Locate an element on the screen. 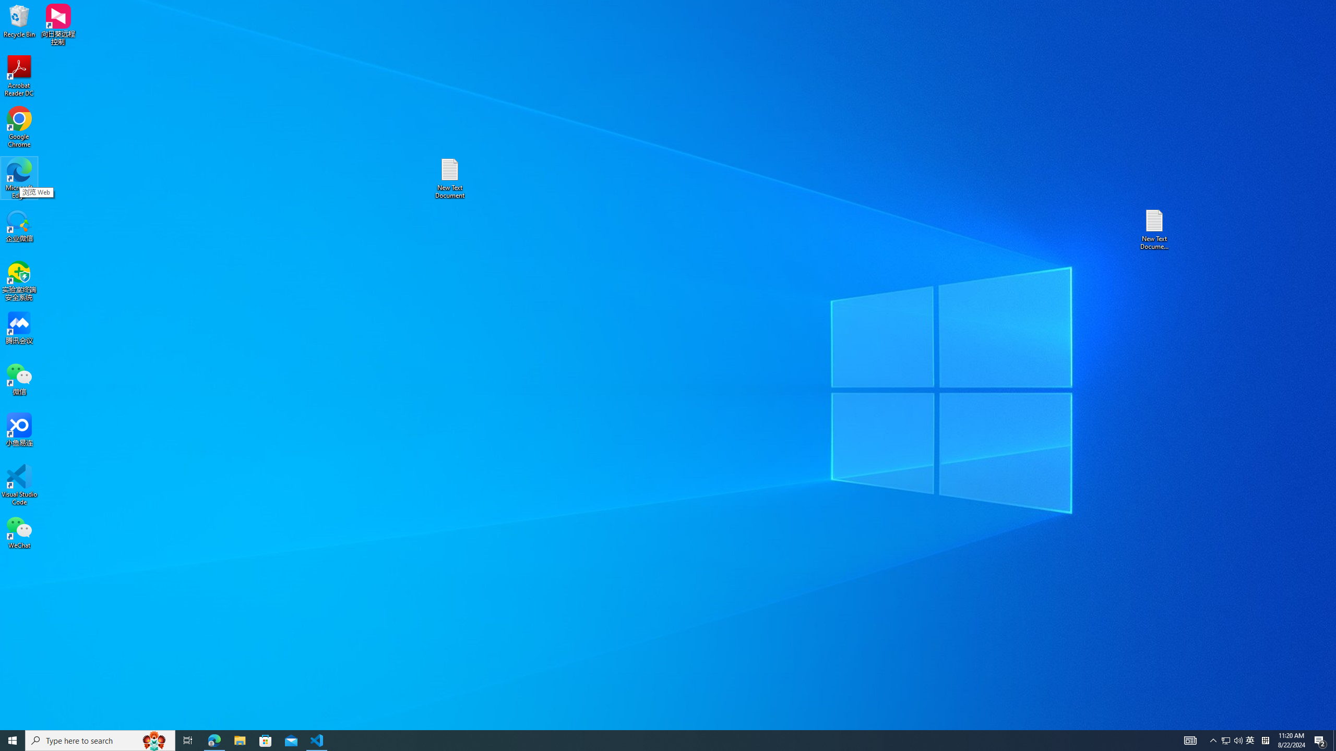 This screenshot has width=1336, height=751. 'Notification Chevron' is located at coordinates (1213, 740).